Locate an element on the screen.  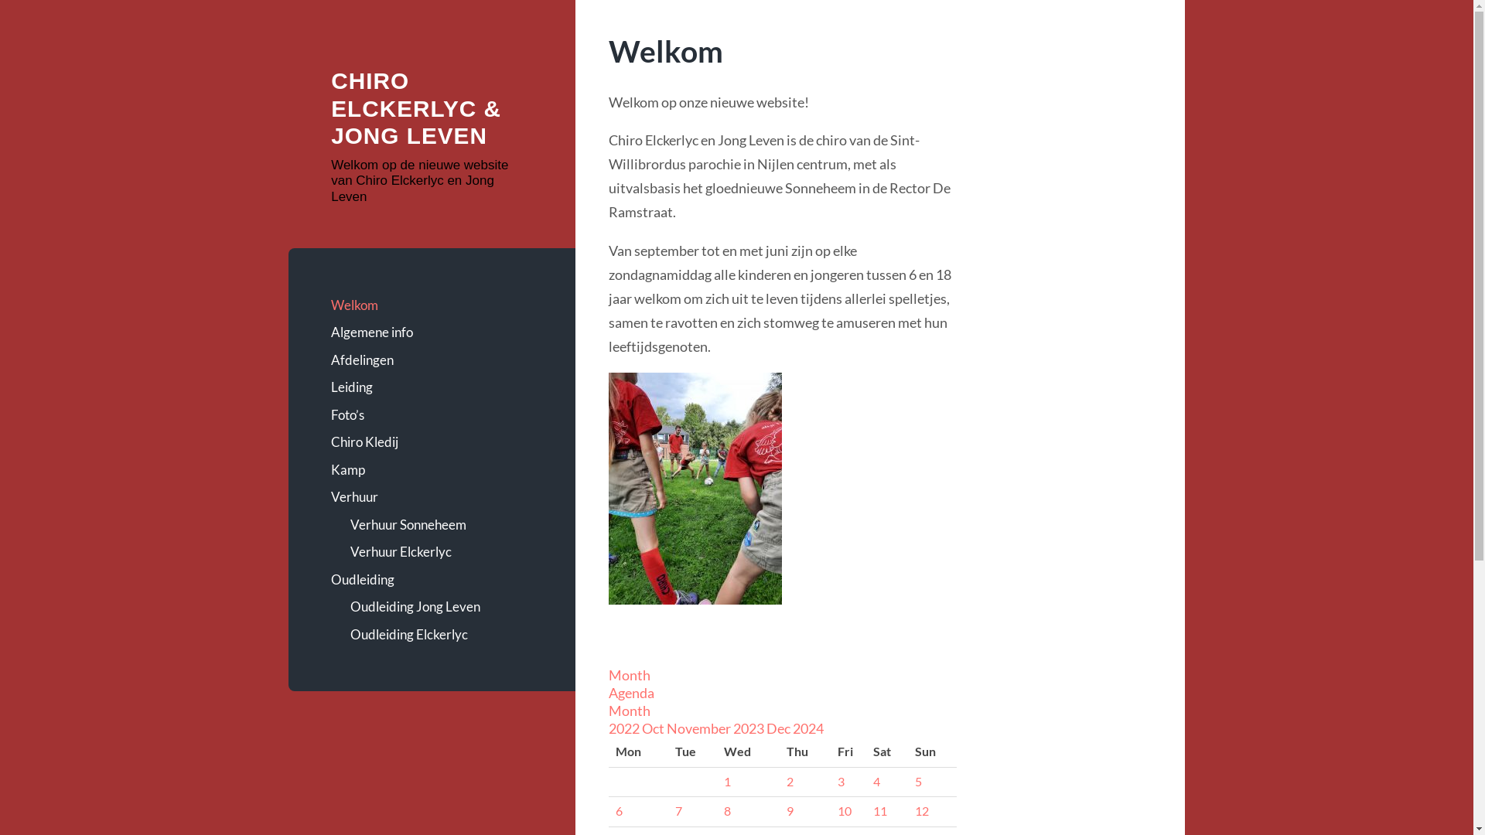
'Oct' is located at coordinates (654, 728).